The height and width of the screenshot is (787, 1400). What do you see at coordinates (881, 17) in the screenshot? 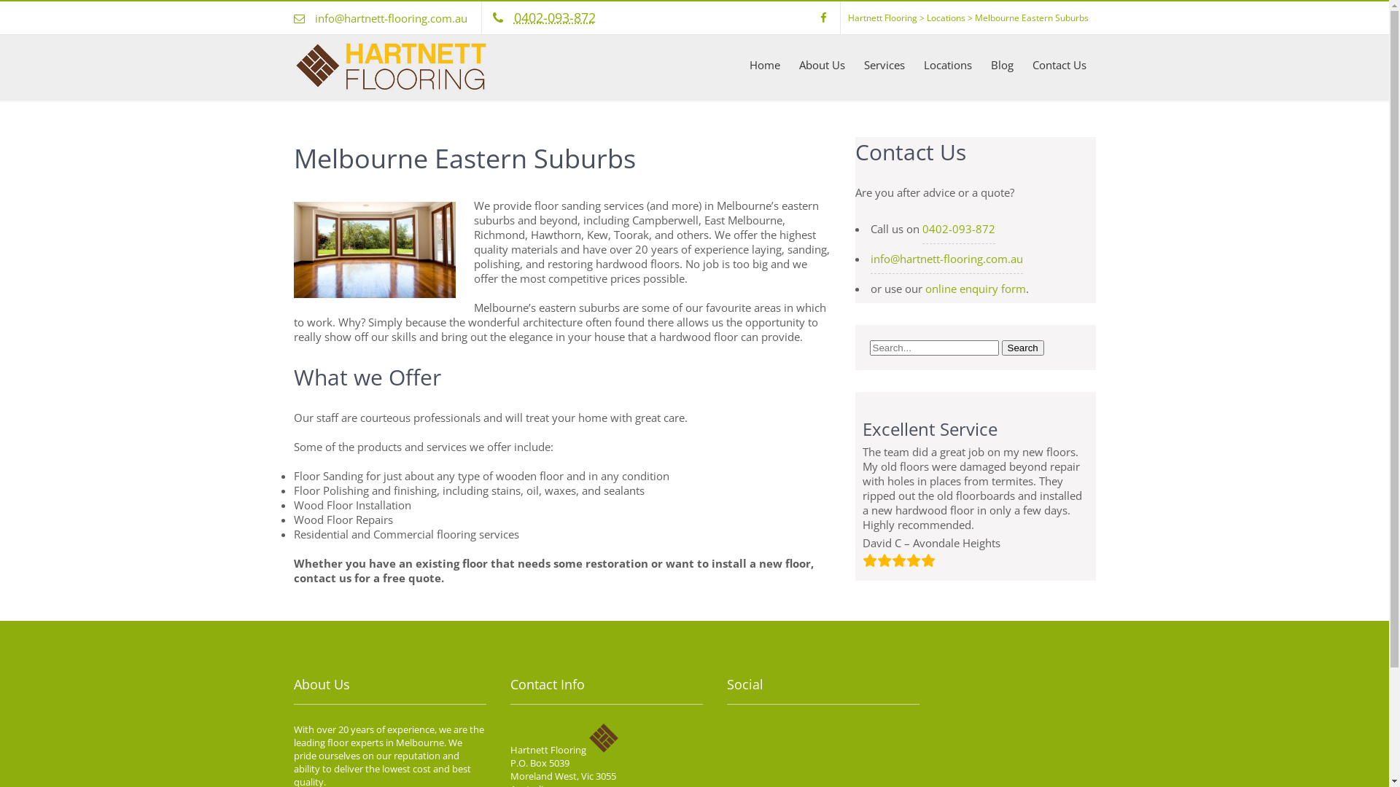
I see `'Hartnett Flooring'` at bounding box center [881, 17].